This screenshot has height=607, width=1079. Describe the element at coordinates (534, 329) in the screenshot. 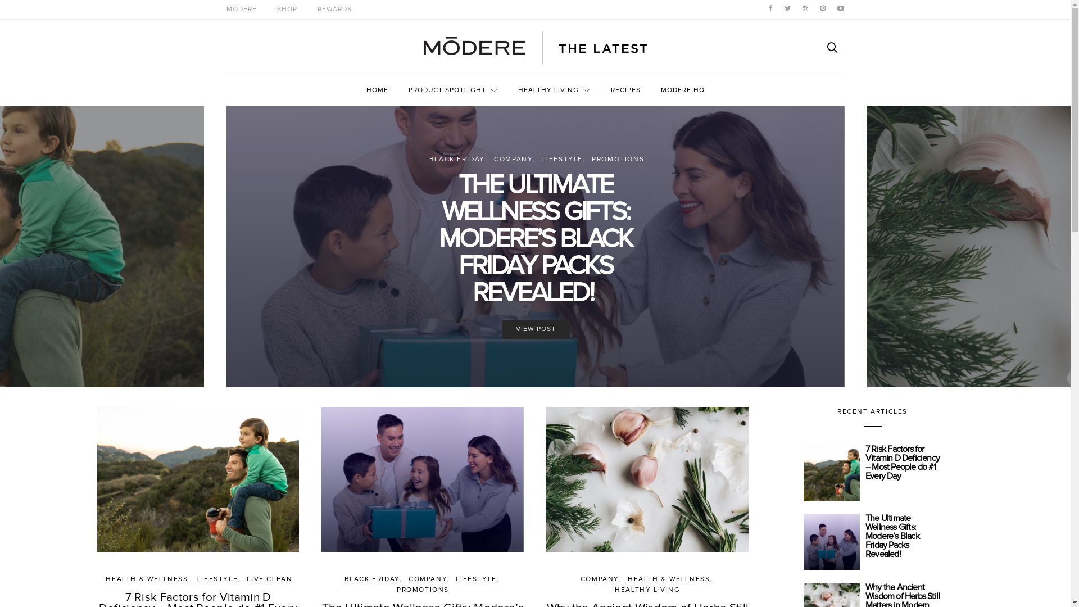

I see `'VIEW POST'` at that location.